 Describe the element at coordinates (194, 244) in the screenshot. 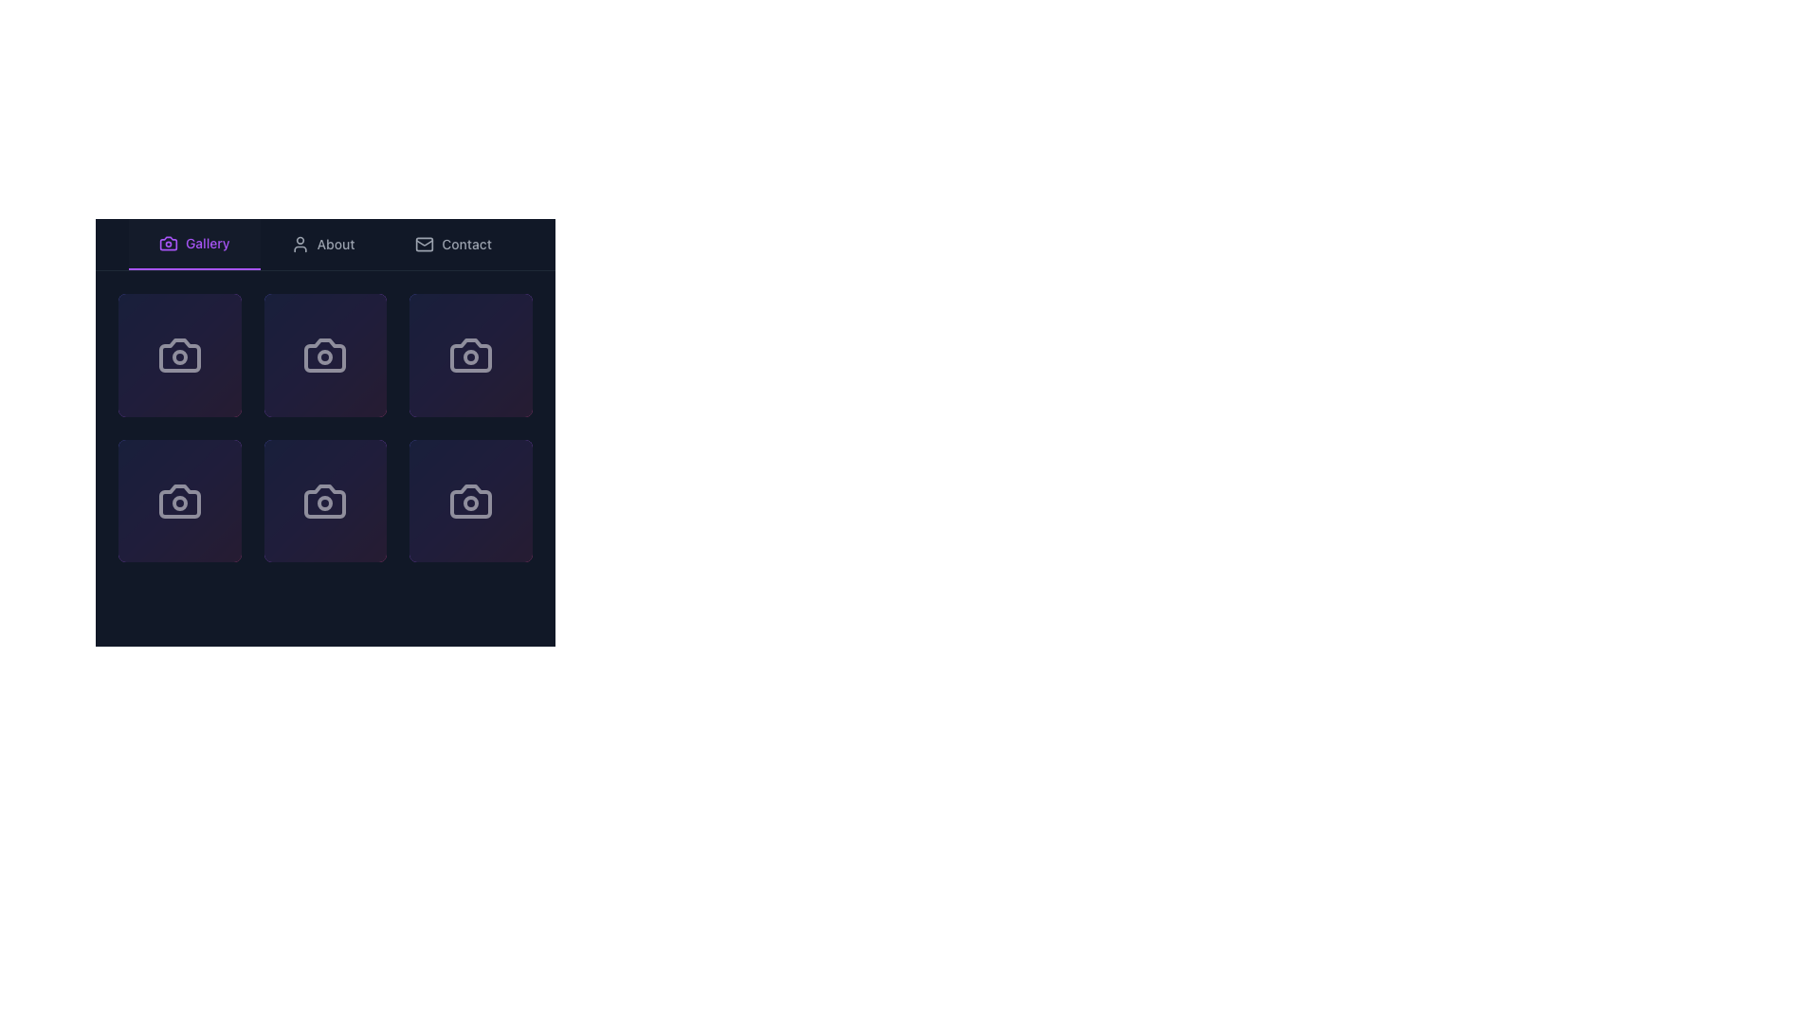

I see `the 'Gallery' button, which is the leftmost button in the navigation bar, styled with purple text and a camera icon` at that location.